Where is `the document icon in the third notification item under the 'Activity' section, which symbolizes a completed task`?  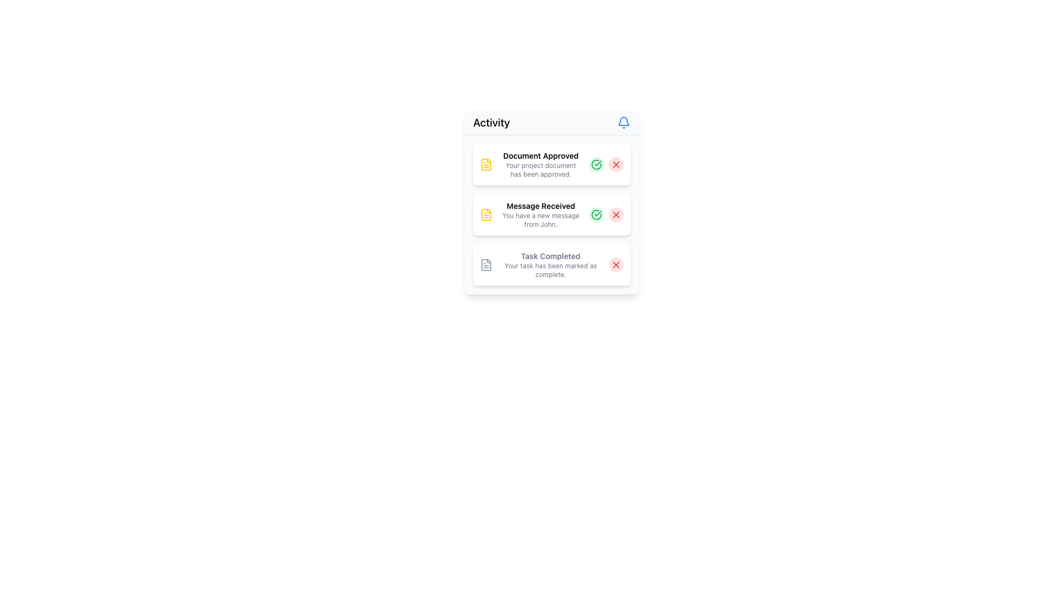 the document icon in the third notification item under the 'Activity' section, which symbolizes a completed task is located at coordinates (486, 265).